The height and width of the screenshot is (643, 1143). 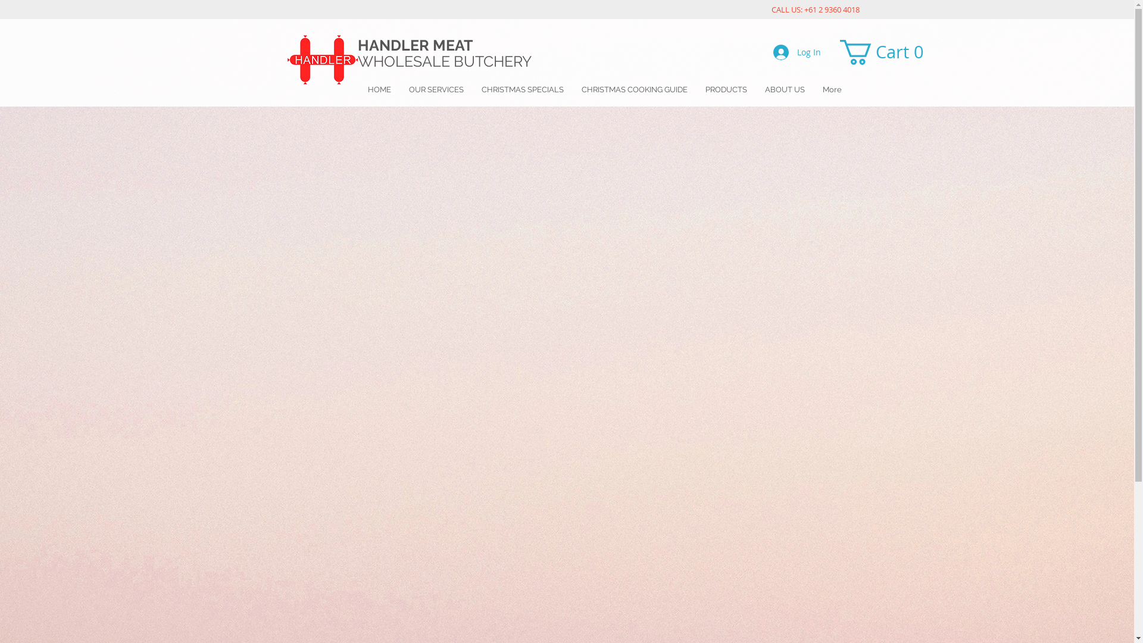 I want to click on 'Log In', so click(x=797, y=52).